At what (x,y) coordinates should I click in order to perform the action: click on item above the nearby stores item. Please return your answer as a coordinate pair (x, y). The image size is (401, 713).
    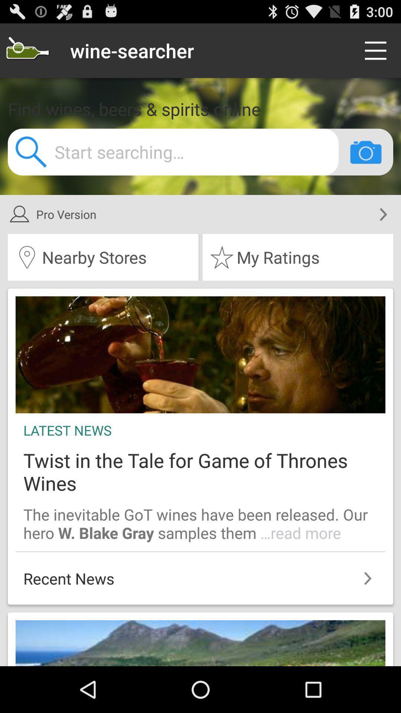
    Looking at the image, I should click on (190, 214).